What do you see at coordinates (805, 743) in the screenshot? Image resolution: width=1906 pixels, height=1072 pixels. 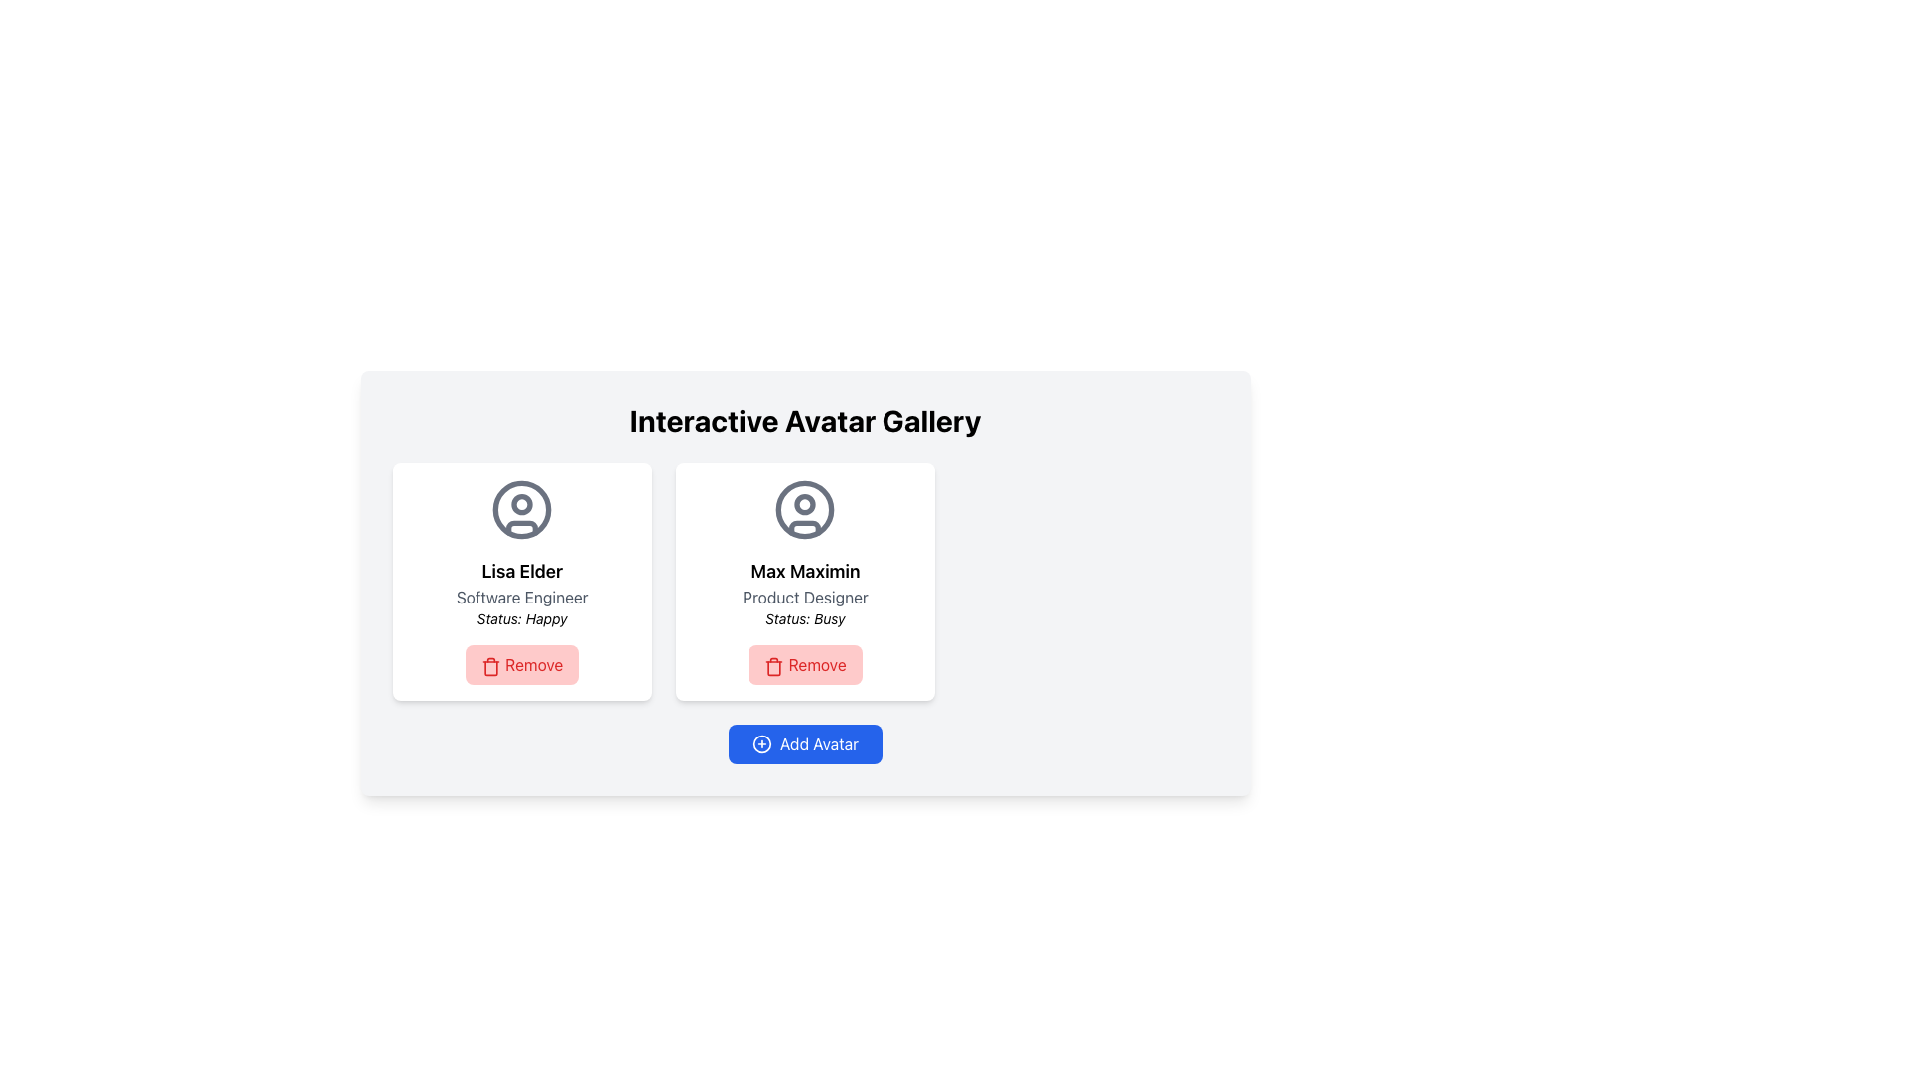 I see `the 'Add Avatar' button, which has a blue background and white text` at bounding box center [805, 743].